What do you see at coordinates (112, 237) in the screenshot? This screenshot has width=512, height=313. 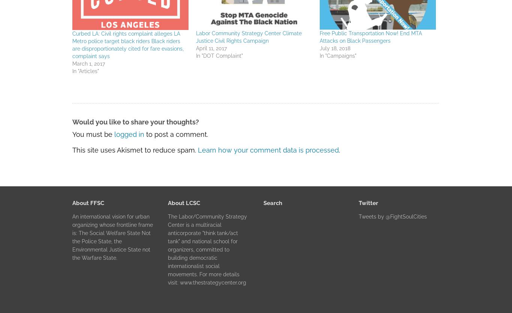 I see `'An international vision for urban organizing whose frontline frame is: The Social Welfare State Not the Police State, the Environmental Justice State not the Warfare State.'` at bounding box center [112, 237].